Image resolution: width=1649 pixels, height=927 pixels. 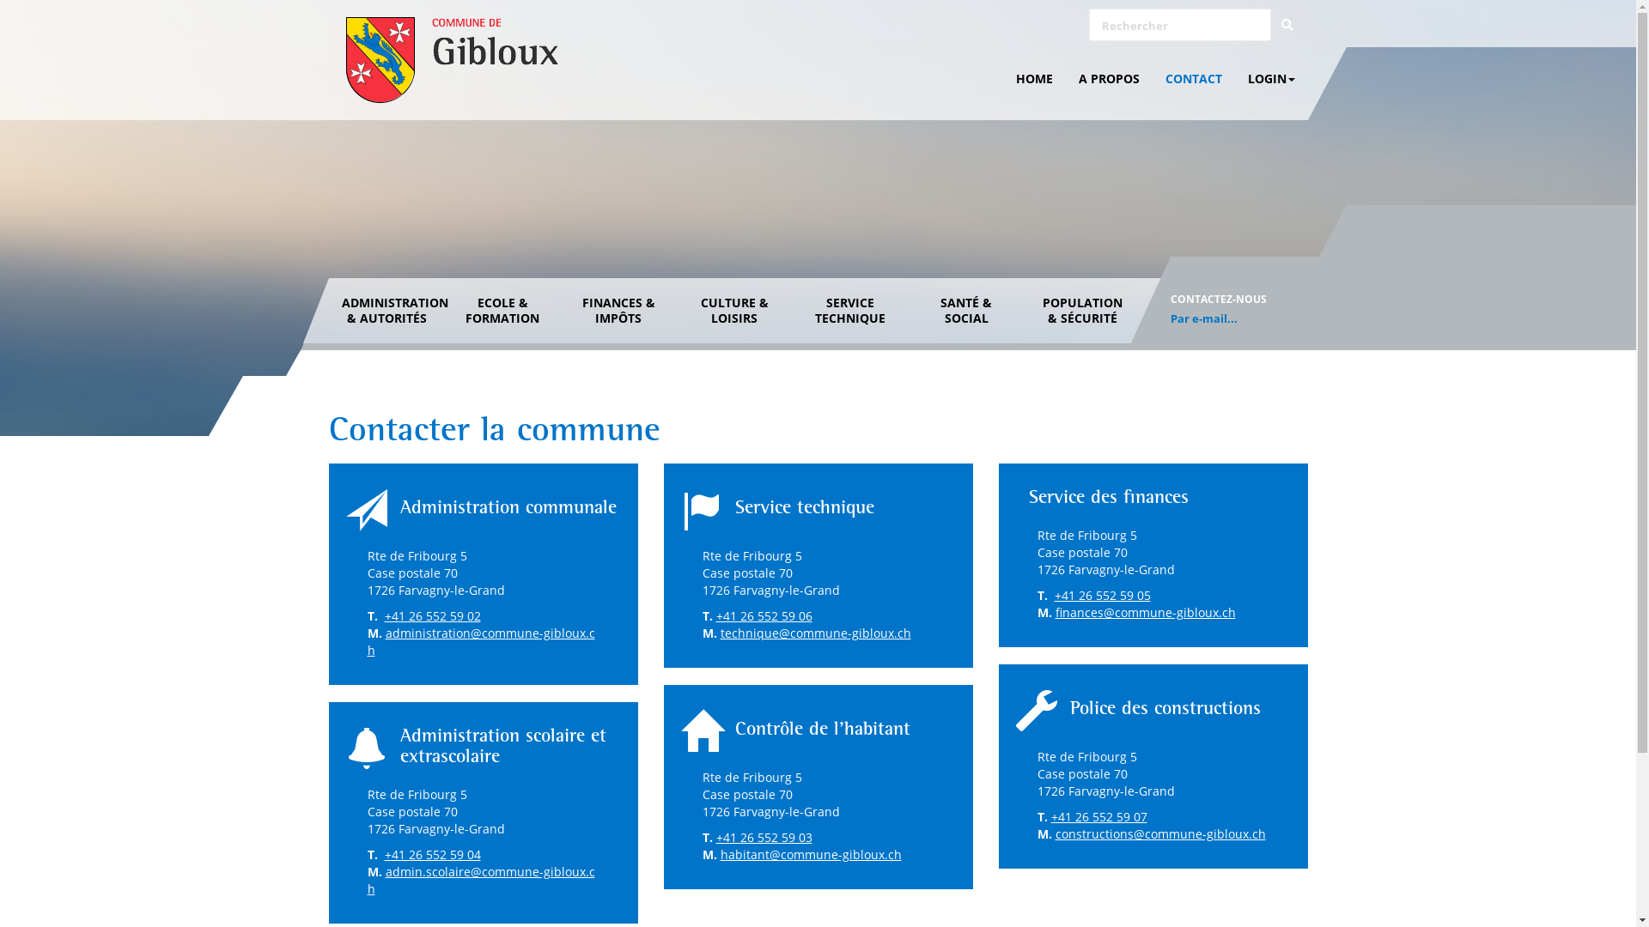 I want to click on '+41 26 552 59 03', so click(x=763, y=836).